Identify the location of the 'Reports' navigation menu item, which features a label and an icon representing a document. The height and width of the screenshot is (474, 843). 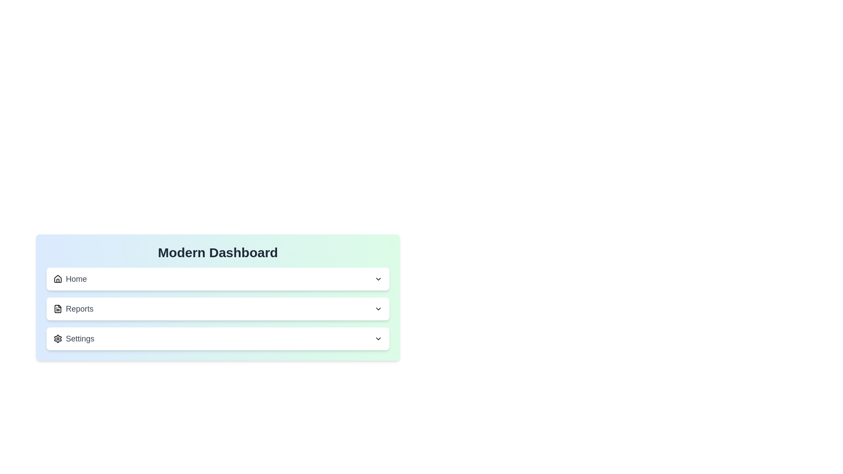
(73, 309).